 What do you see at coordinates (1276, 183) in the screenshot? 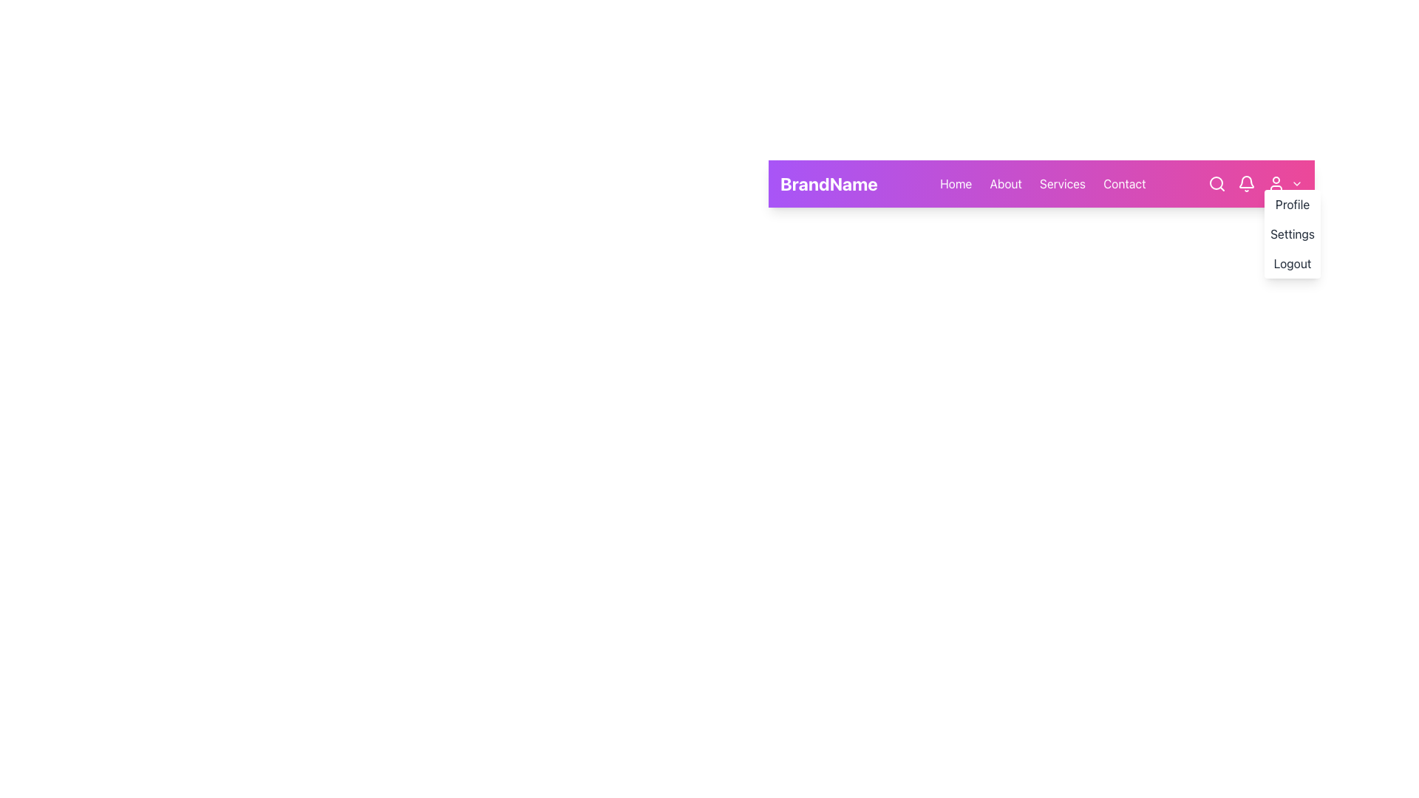
I see `the user menu icon located at the top-right corner of the navigation bar, which allows access to profile options, settings, or logout` at bounding box center [1276, 183].